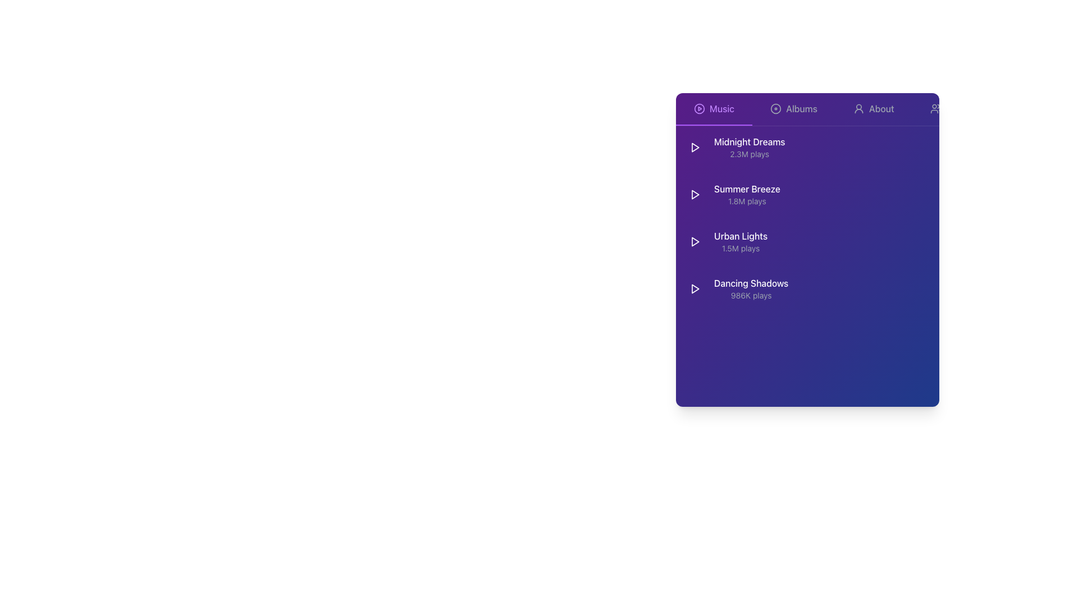 The width and height of the screenshot is (1078, 606). What do you see at coordinates (751, 283) in the screenshot?
I see `the text label 'Dancing Shadows' which is the title of the fourth item in a list, displayed in a medium-weight font on a purple background` at bounding box center [751, 283].